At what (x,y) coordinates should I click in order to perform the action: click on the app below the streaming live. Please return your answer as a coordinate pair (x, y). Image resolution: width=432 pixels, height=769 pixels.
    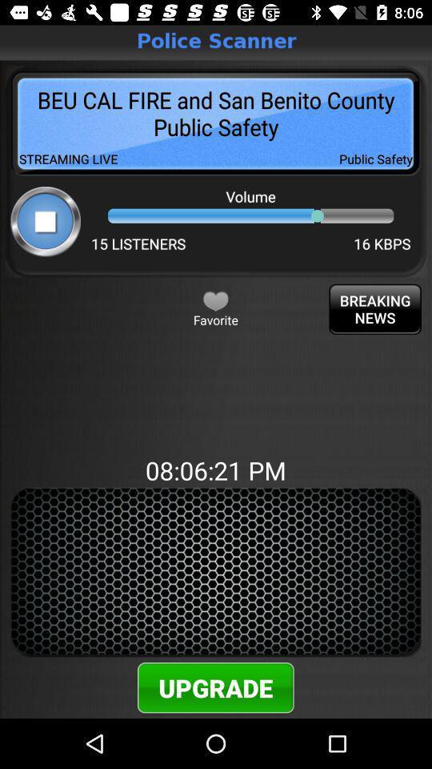
    Looking at the image, I should click on (46, 220).